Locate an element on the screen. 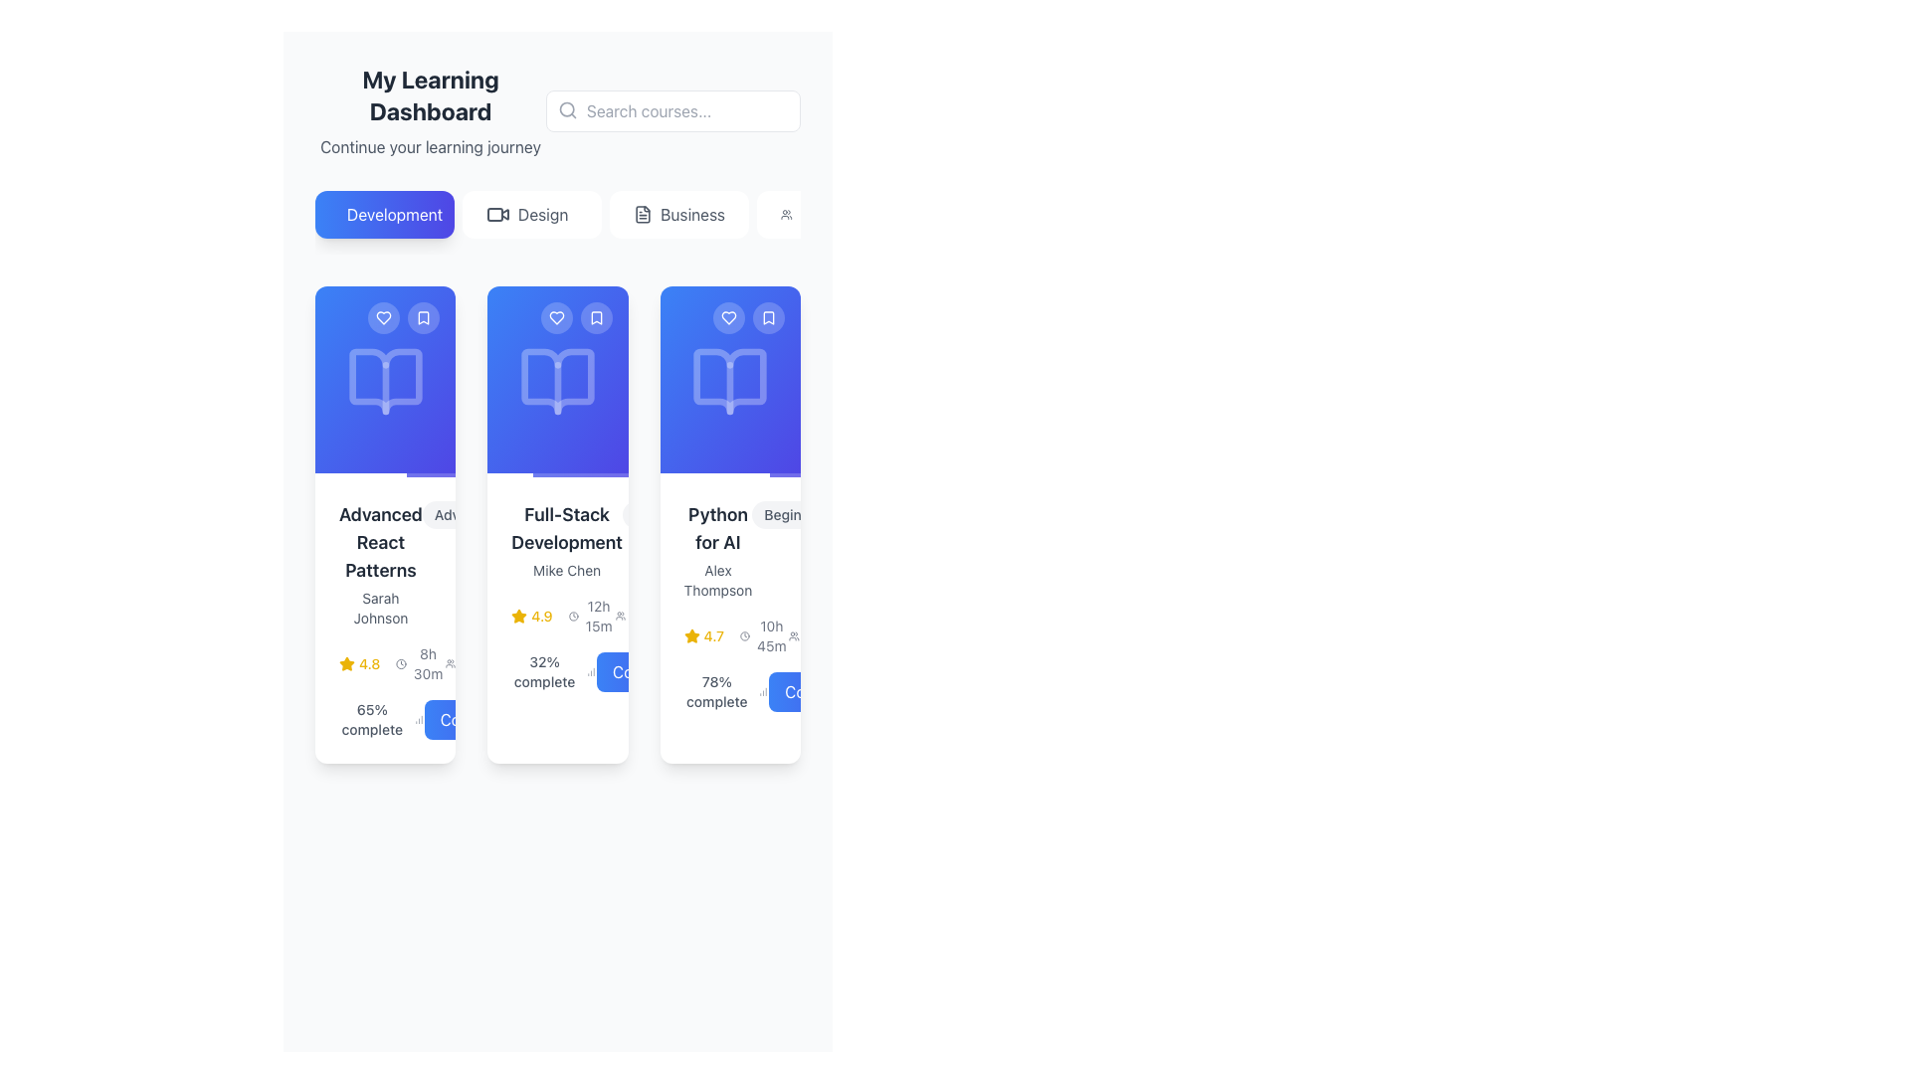 The image size is (1910, 1074). the yellow star icon located beside the text '4.7' in the third card titled 'Python for AI' under the 'Development' section is located at coordinates (691, 636).